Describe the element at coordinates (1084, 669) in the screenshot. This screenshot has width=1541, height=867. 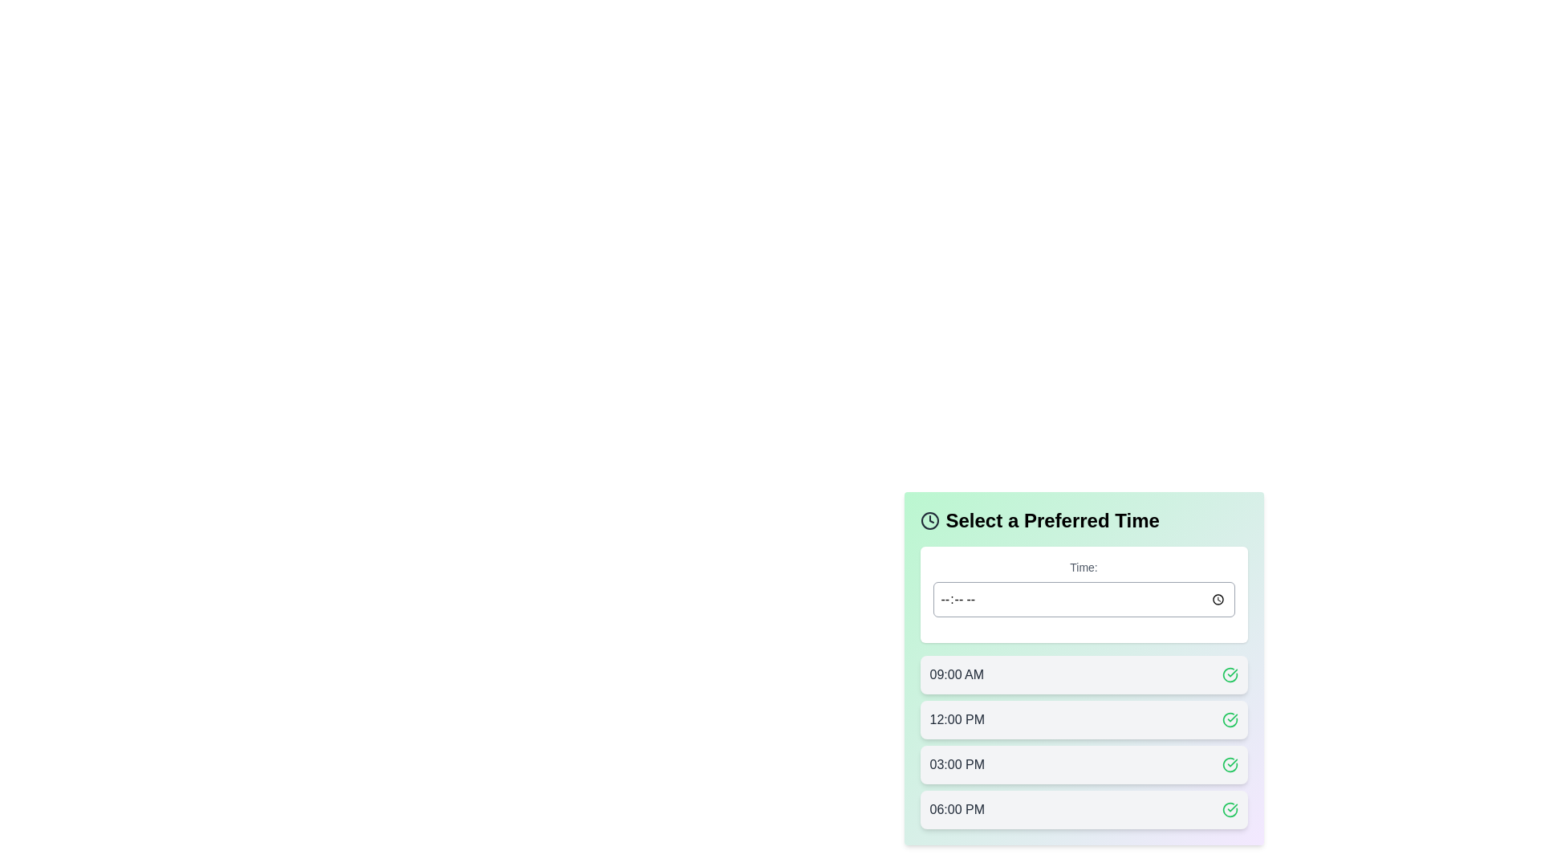
I see `the first selectable time entry in the list titled 'Select a Preferred Time'` at that location.